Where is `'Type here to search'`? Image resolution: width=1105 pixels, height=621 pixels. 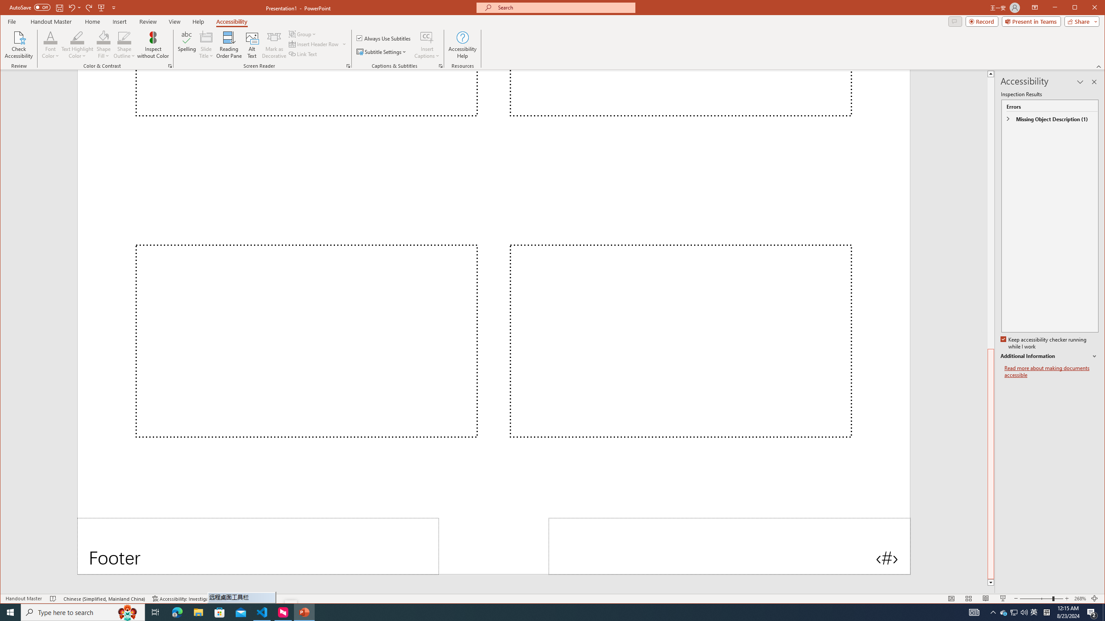
'Type here to search' is located at coordinates (82, 612).